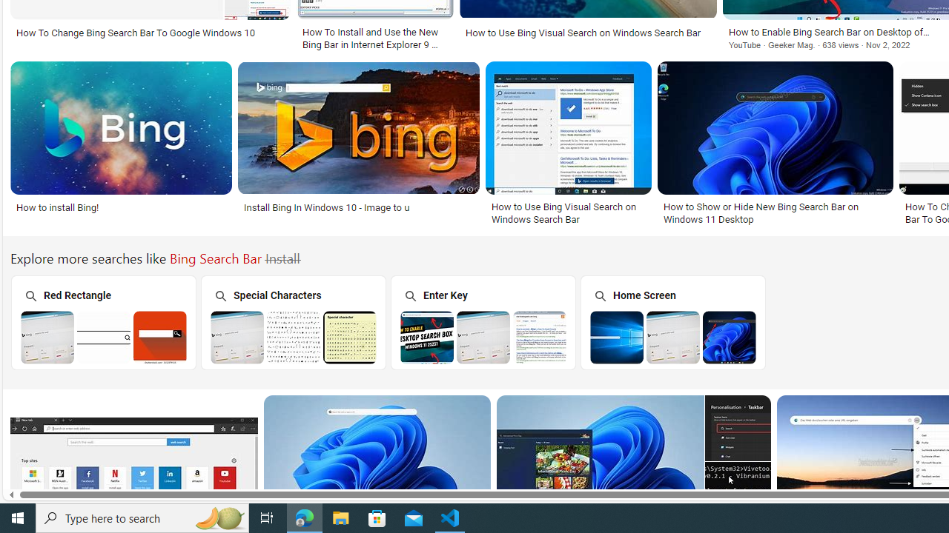 The height and width of the screenshot is (533, 949). I want to click on 'Special Characters', so click(293, 321).